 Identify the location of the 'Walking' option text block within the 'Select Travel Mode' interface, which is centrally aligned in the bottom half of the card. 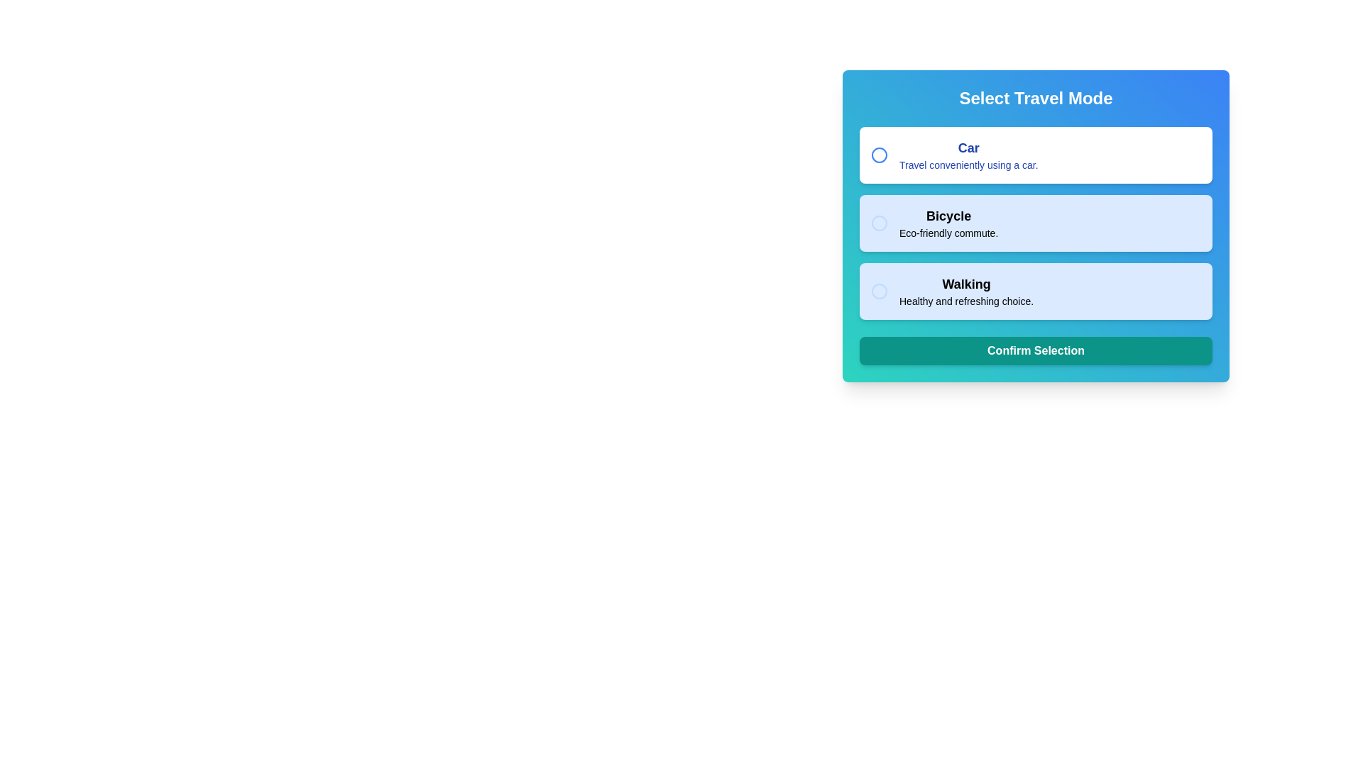
(965, 291).